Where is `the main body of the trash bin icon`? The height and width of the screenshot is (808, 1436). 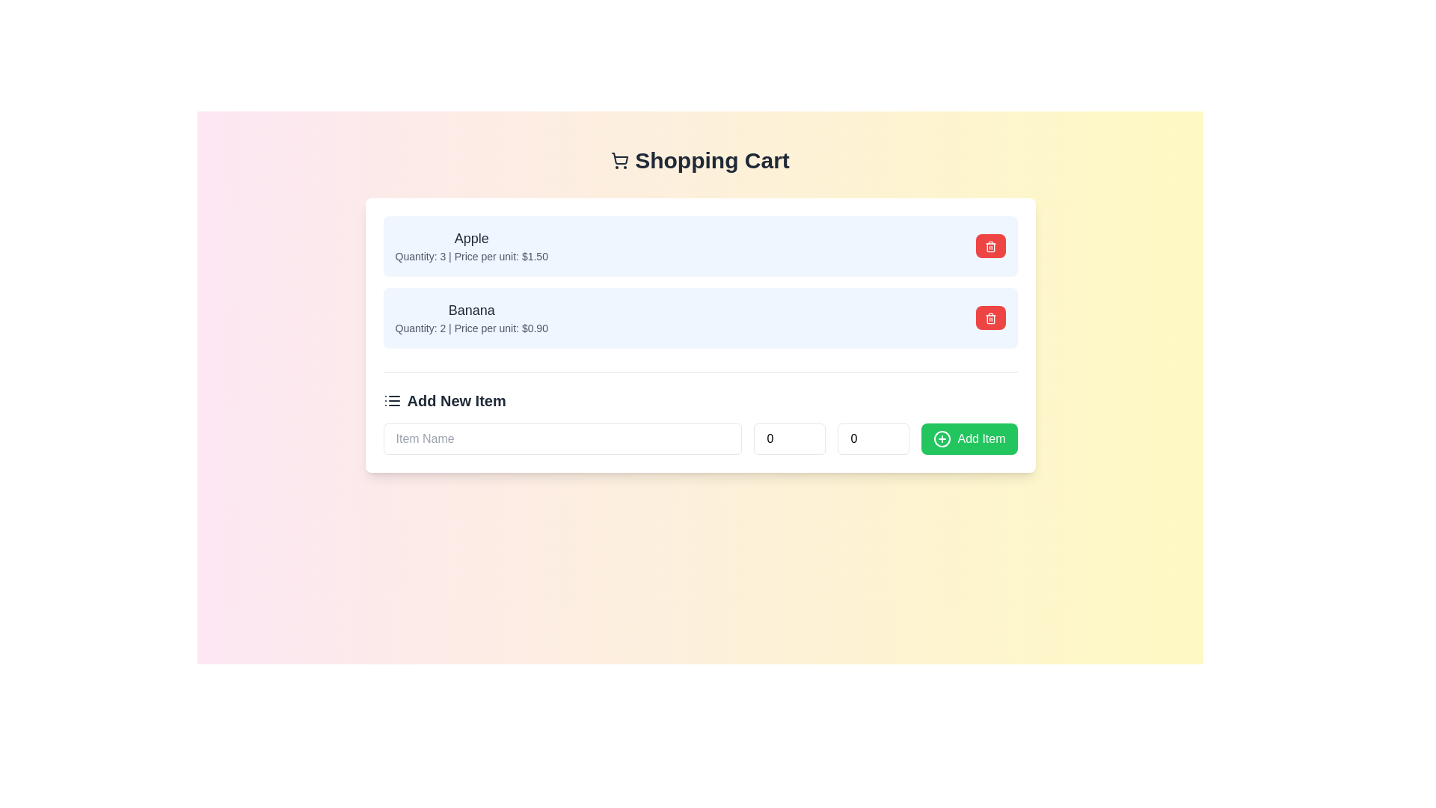 the main body of the trash bin icon is located at coordinates (990, 319).